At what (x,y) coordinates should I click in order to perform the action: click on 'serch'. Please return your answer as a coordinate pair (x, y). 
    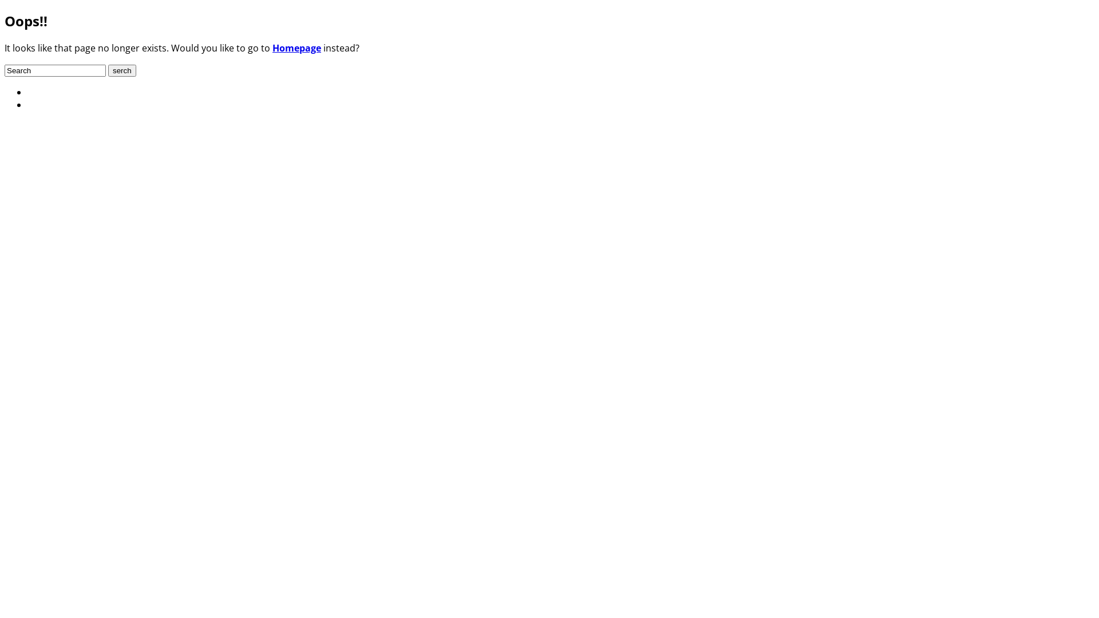
    Looking at the image, I should click on (122, 70).